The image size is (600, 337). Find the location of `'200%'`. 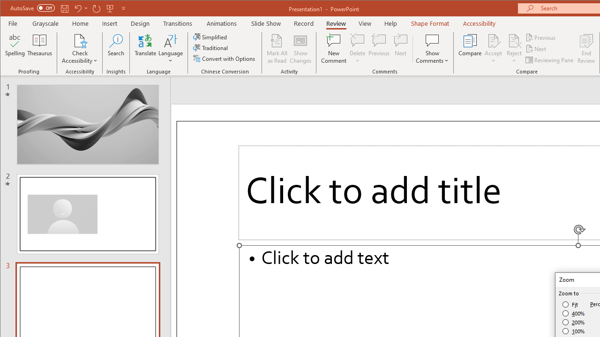

'200%' is located at coordinates (573, 322).